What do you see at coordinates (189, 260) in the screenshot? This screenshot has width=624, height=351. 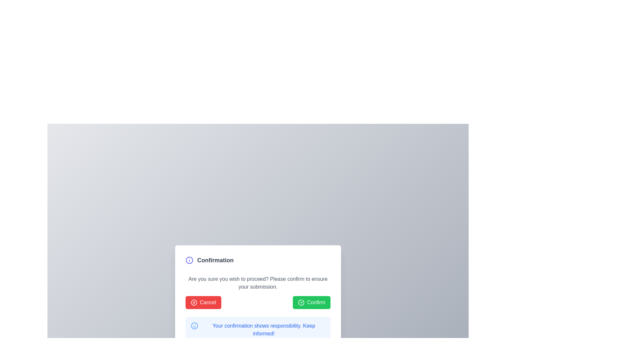 I see `the SVG Circle icon located in the top-left corner of the modal dialog box, which is used to draw attention to the confirmation dialog` at bounding box center [189, 260].